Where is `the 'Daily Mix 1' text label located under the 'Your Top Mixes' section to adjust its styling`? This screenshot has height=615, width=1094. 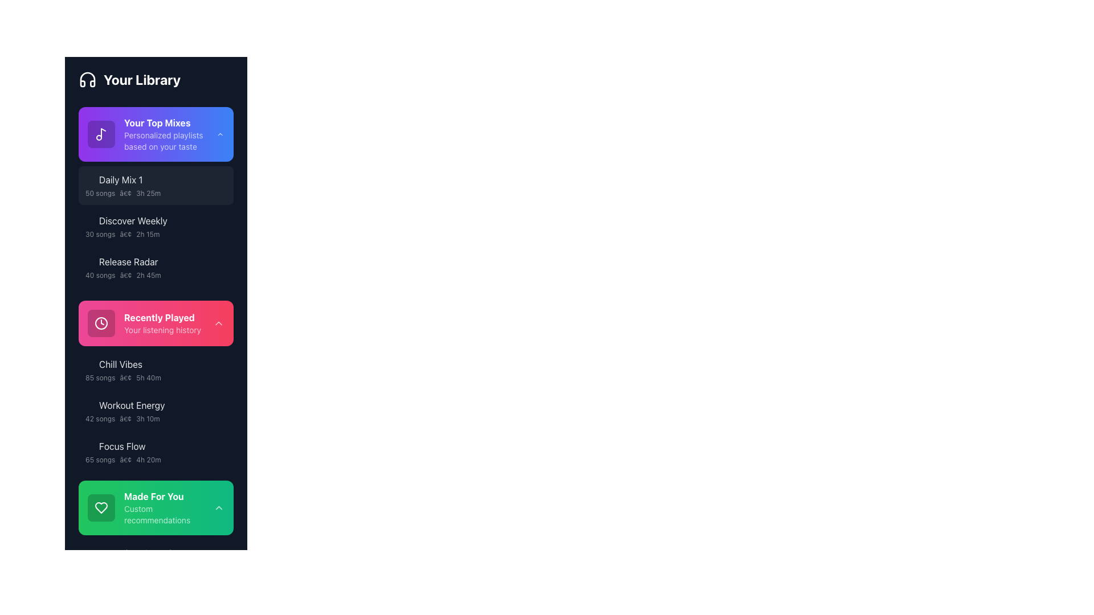
the 'Daily Mix 1' text label located under the 'Your Top Mixes' section to adjust its styling is located at coordinates (121, 179).